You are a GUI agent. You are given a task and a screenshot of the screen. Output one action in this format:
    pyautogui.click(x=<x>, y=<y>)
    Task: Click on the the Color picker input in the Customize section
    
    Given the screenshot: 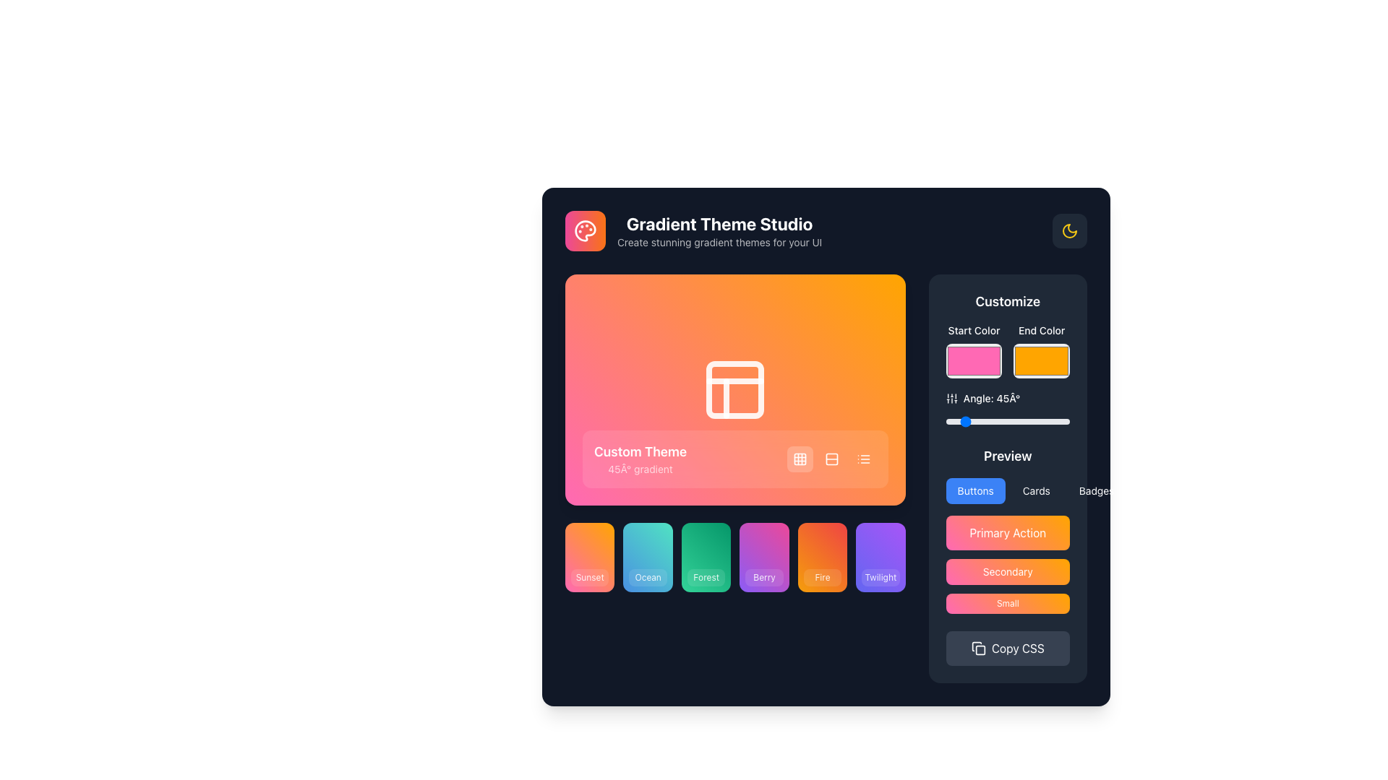 What is the action you would take?
    pyautogui.click(x=974, y=351)
    